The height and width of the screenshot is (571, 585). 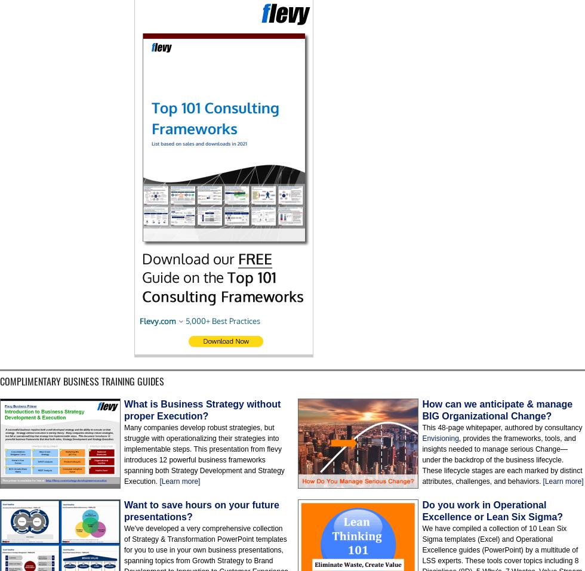 What do you see at coordinates (502, 427) in the screenshot?
I see `'This 48-page whitepaper, authored by consultancy'` at bounding box center [502, 427].